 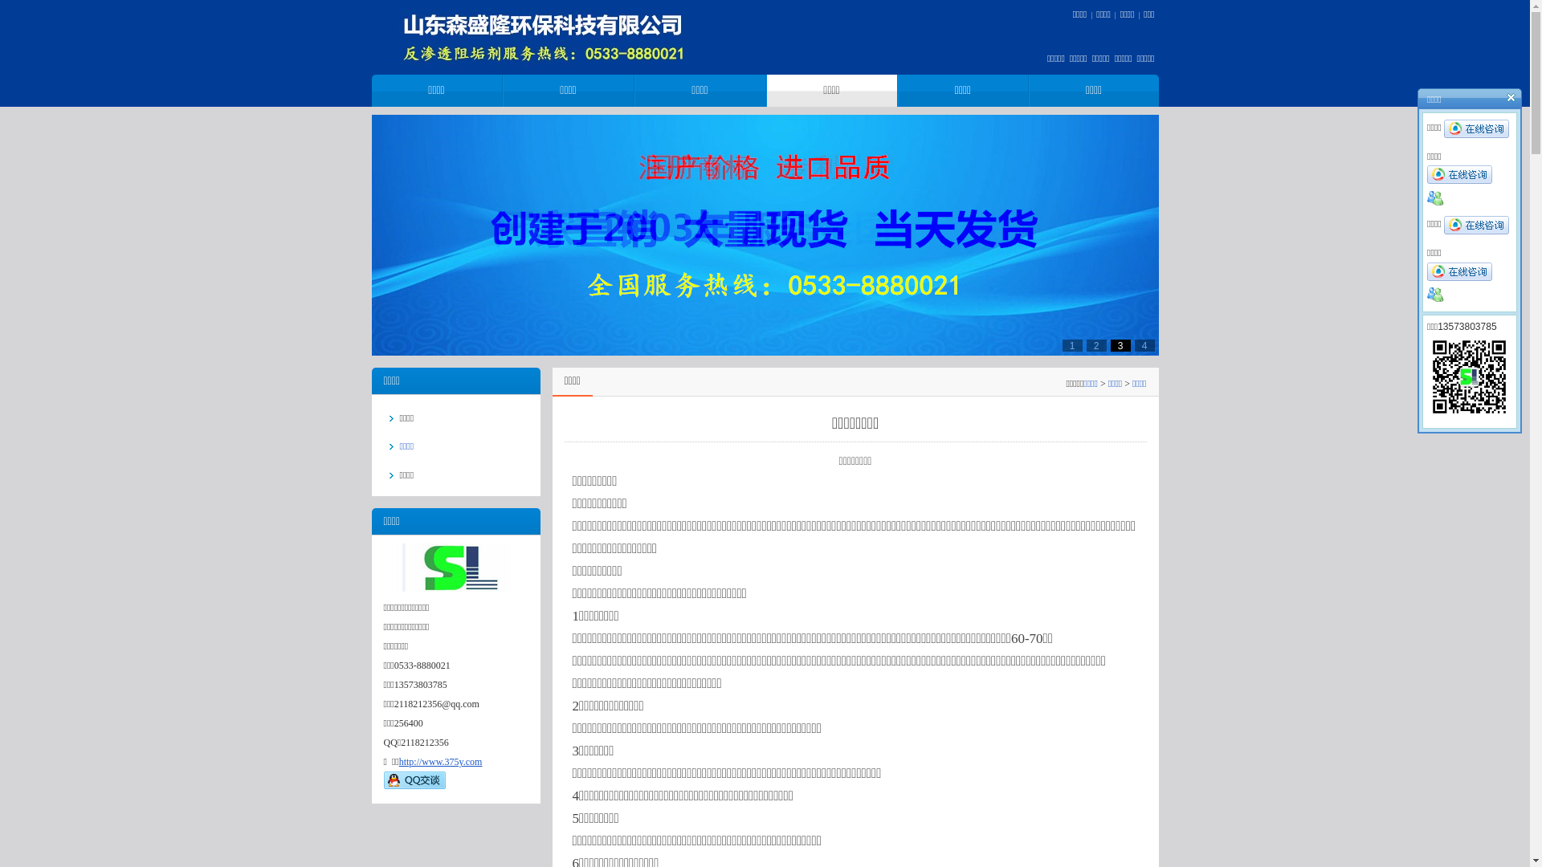 I want to click on '3', so click(x=1119, y=345).